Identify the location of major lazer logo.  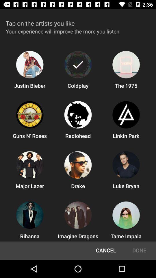
(29, 165).